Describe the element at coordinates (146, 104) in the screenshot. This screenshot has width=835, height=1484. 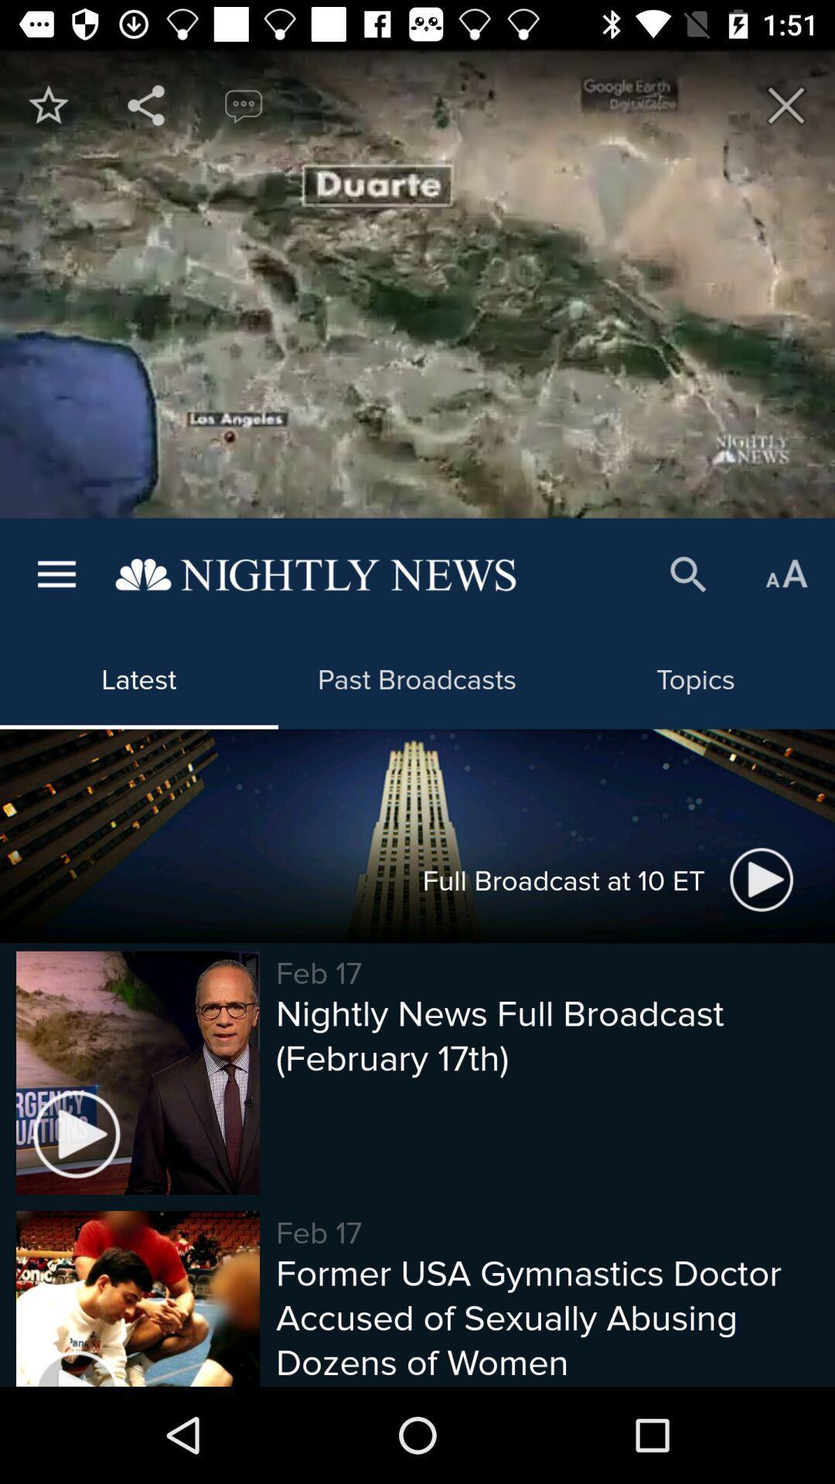
I see `share` at that location.